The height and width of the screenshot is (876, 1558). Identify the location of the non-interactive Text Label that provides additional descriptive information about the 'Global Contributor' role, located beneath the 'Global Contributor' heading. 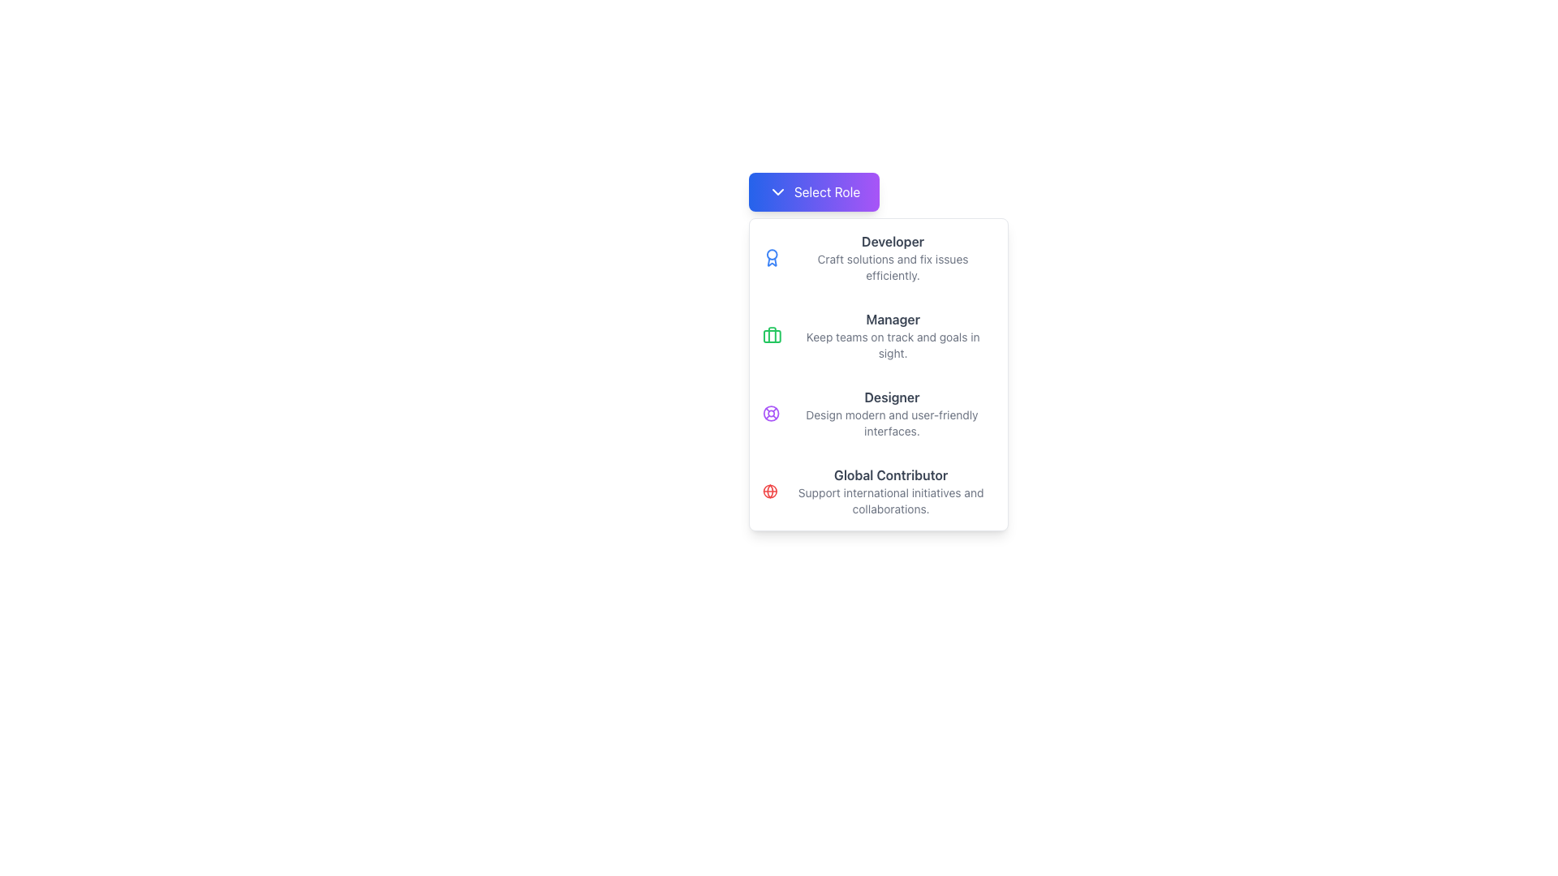
(890, 500).